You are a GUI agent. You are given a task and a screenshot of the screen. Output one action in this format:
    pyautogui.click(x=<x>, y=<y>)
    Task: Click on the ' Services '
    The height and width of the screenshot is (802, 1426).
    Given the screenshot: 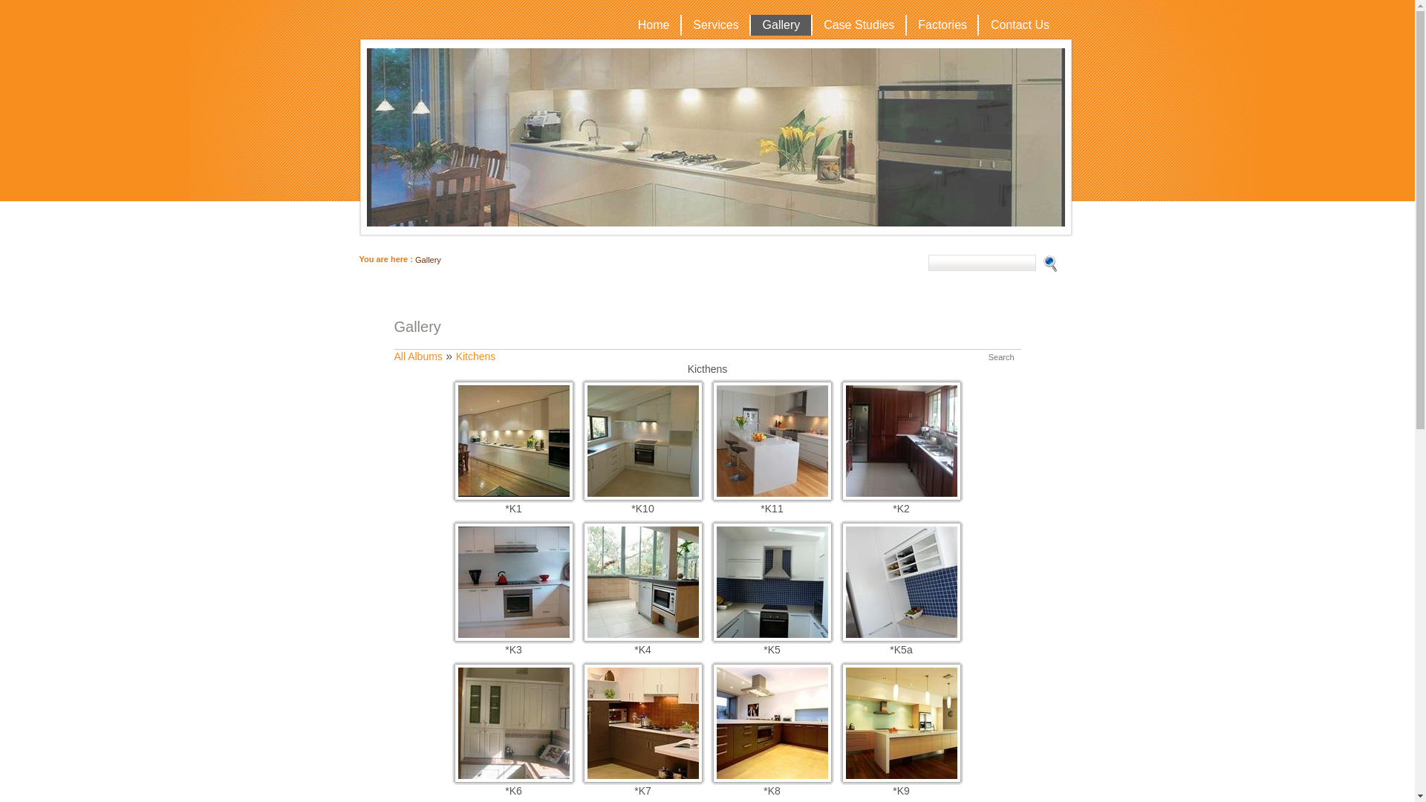 What is the action you would take?
    pyautogui.click(x=715, y=25)
    